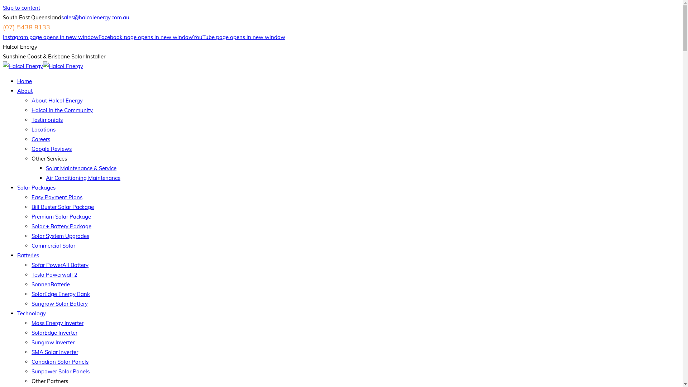  I want to click on '(07) 5438 8133', so click(26, 27).